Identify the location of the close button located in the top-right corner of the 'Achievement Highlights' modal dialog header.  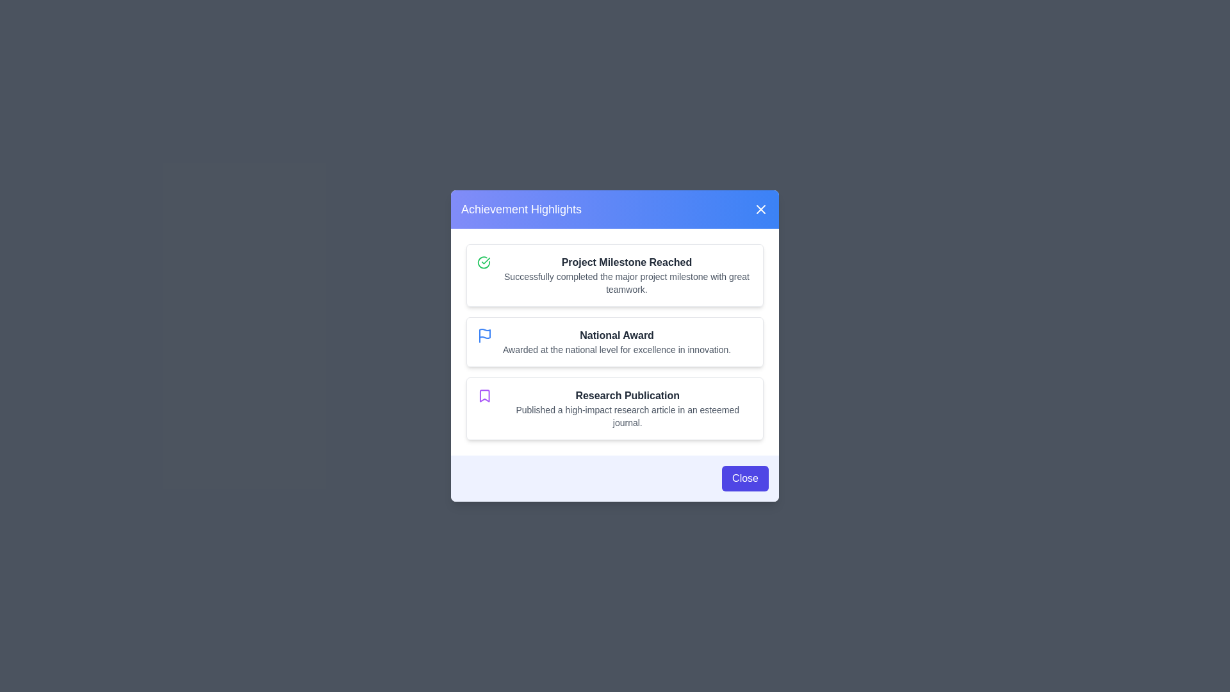
(761, 209).